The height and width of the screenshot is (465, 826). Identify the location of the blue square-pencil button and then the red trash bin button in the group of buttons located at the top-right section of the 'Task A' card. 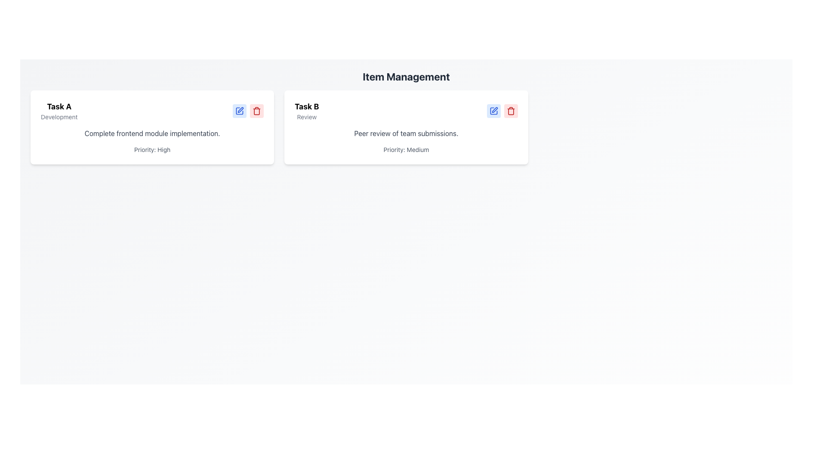
(248, 111).